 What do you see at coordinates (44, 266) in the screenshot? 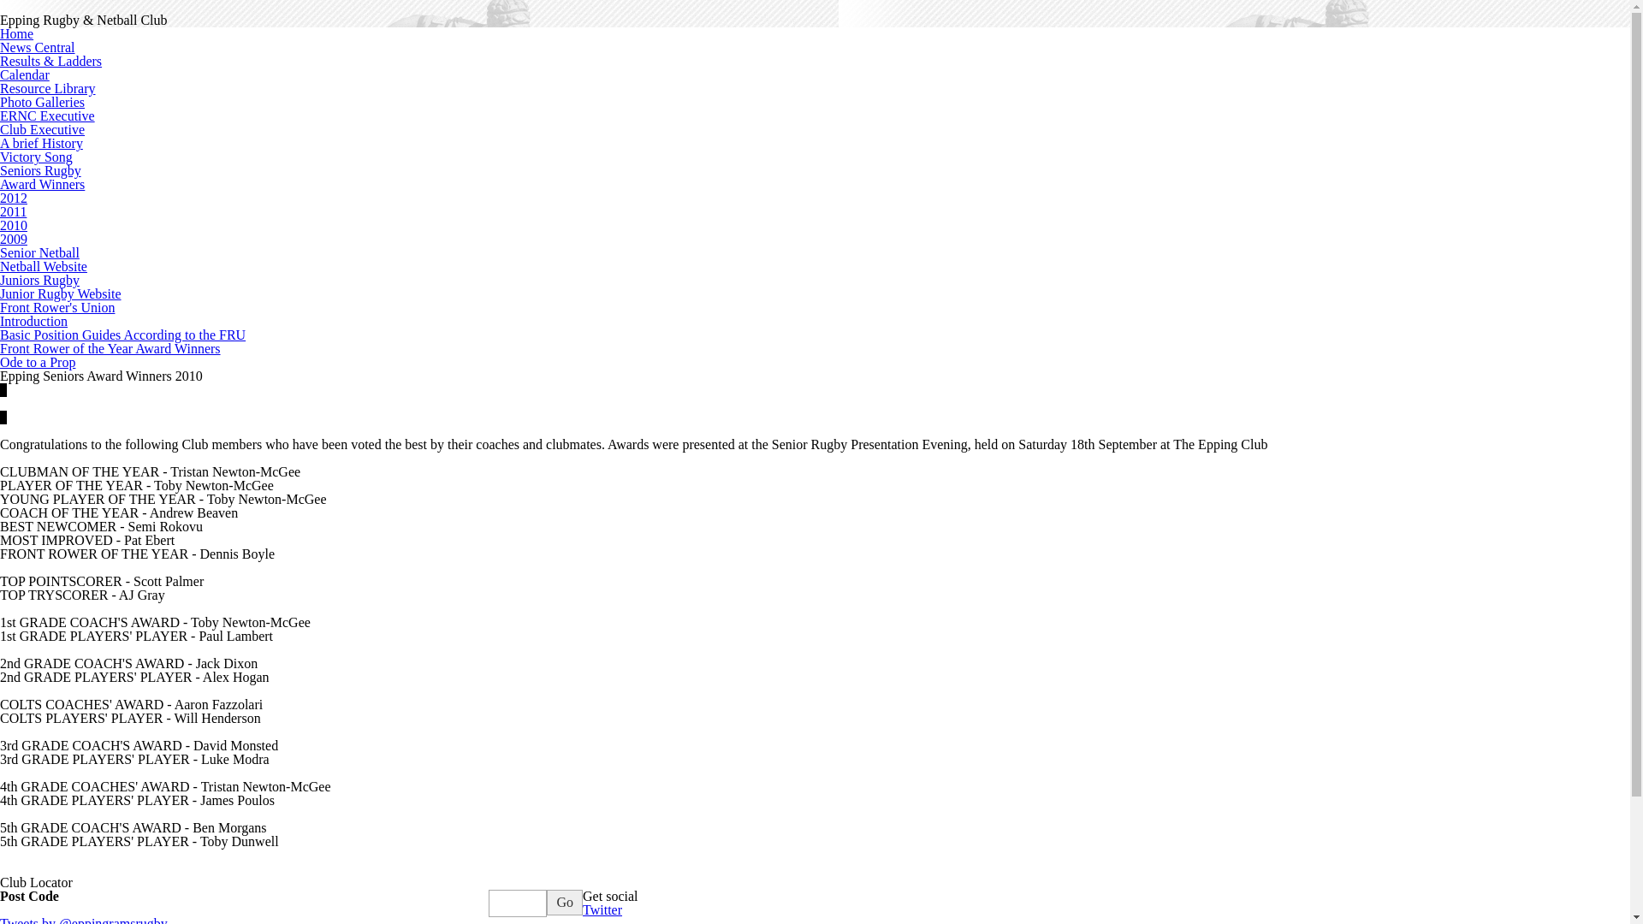
I see `'Netball Website'` at bounding box center [44, 266].